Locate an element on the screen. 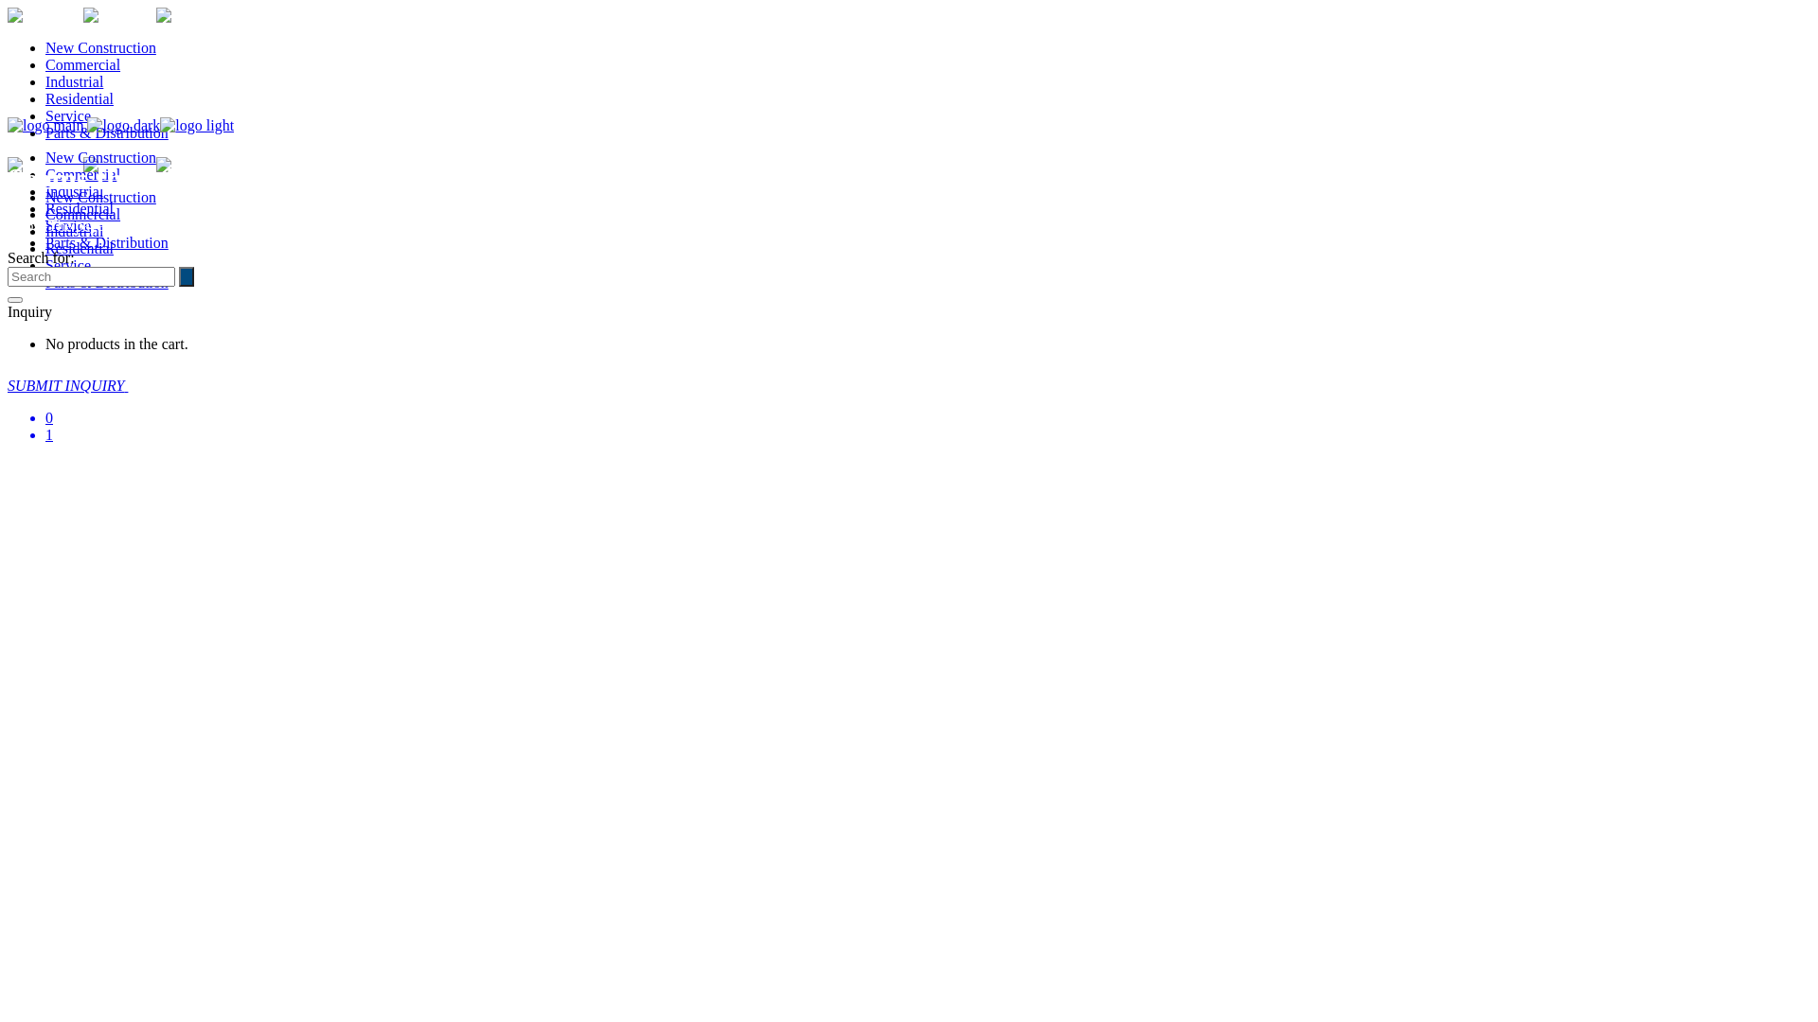 The image size is (1818, 1022). '0 is located at coordinates (909, 442).